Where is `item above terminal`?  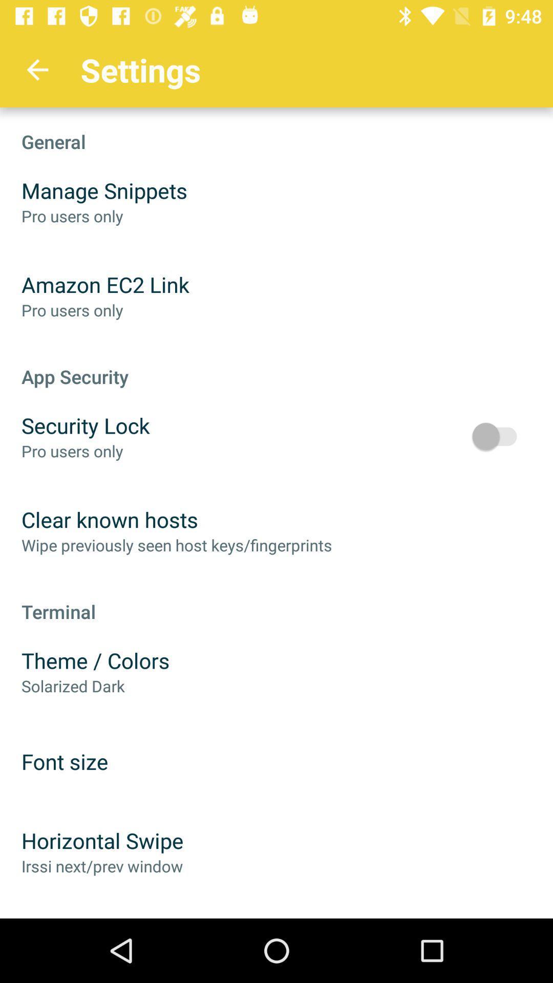
item above terminal is located at coordinates (499, 436).